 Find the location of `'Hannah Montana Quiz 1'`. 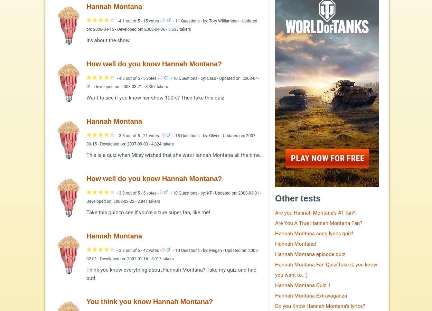

'Hannah Montana Quiz 1' is located at coordinates (303, 285).